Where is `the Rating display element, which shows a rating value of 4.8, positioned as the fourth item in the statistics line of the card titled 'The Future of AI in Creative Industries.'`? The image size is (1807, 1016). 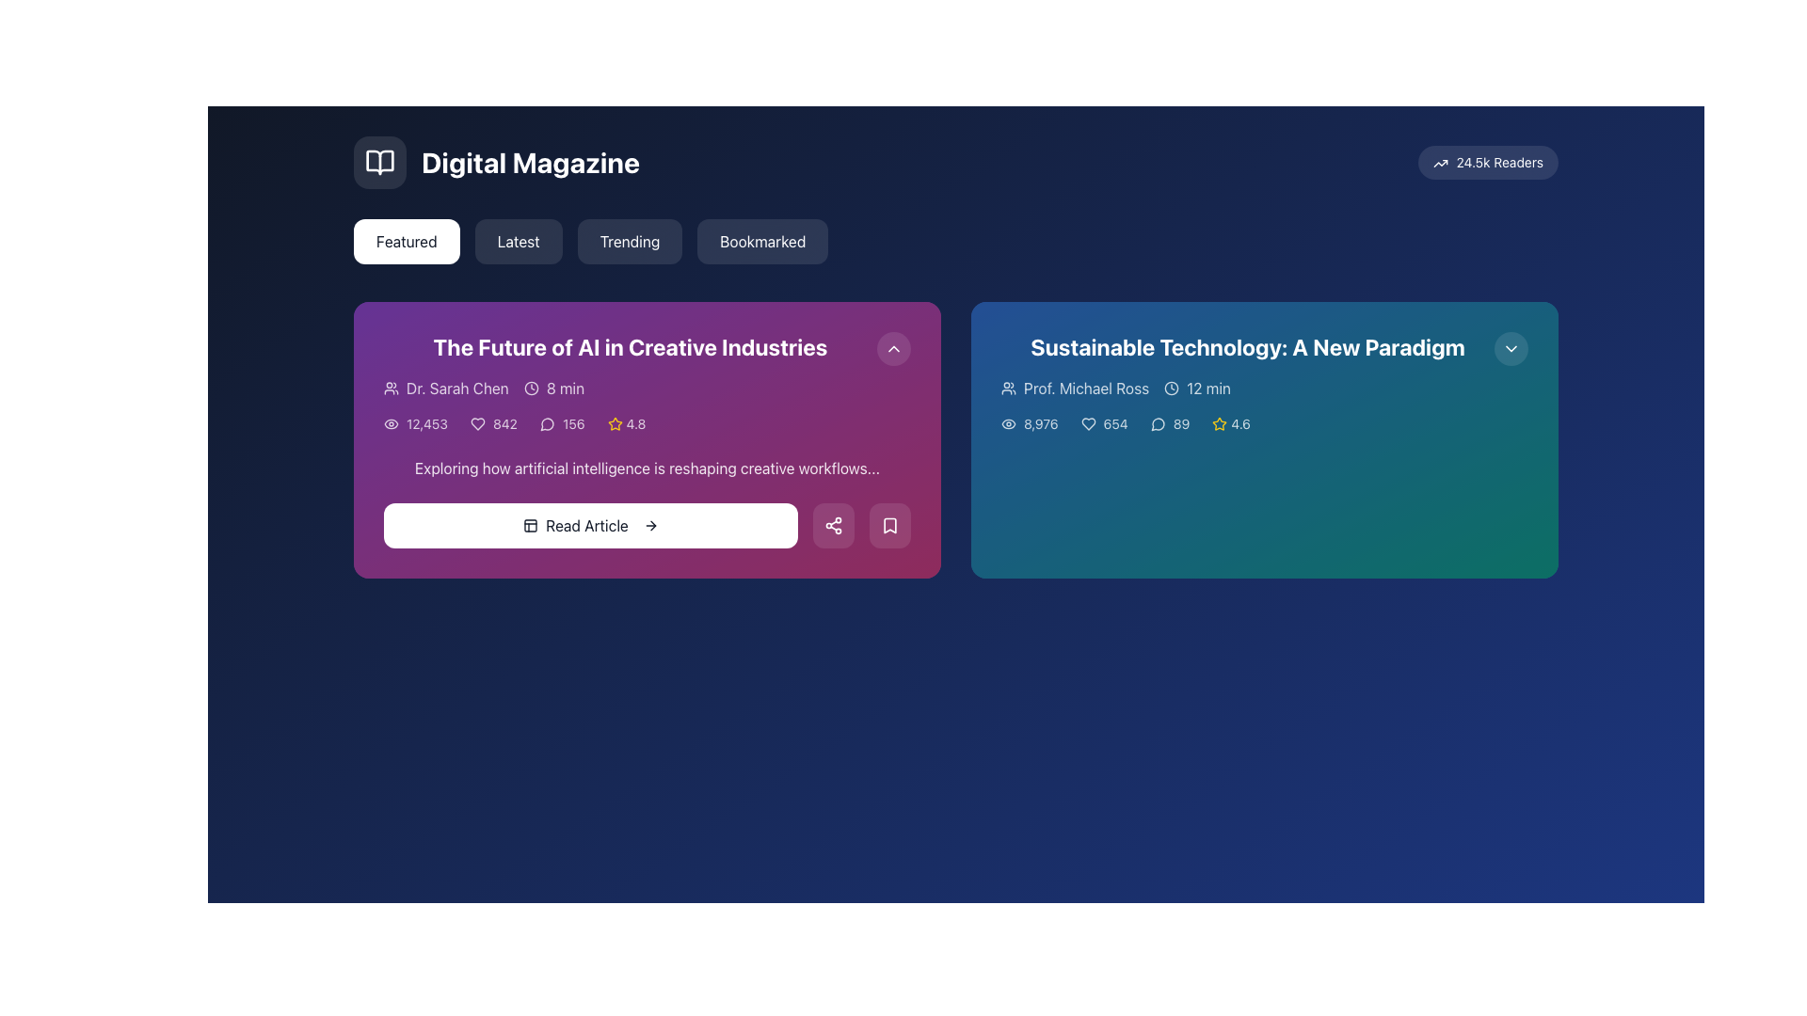
the Rating display element, which shows a rating value of 4.8, positioned as the fourth item in the statistics line of the card titled 'The Future of AI in Creative Industries.' is located at coordinates (647, 424).